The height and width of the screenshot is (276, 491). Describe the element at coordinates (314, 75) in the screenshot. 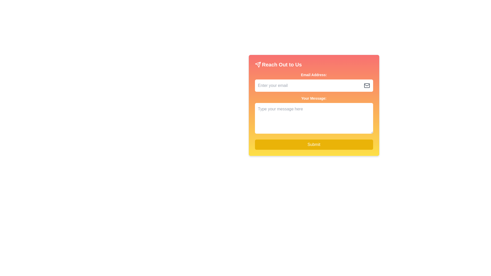

I see `the label indicating the email input field, which is positioned at the top of the form above the email input` at that location.